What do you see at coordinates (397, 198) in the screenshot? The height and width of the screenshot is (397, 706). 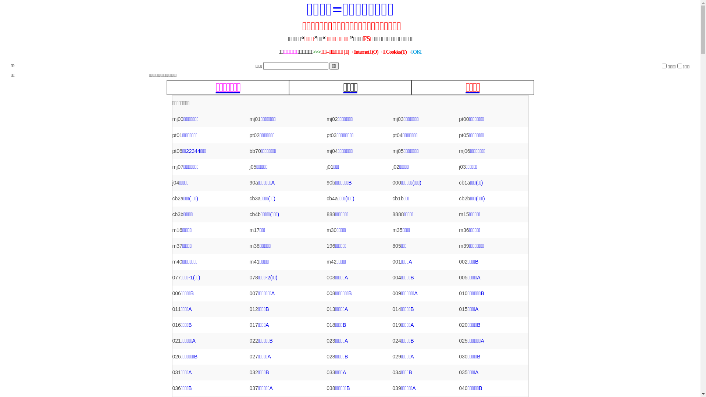 I see `'cb1b'` at bounding box center [397, 198].